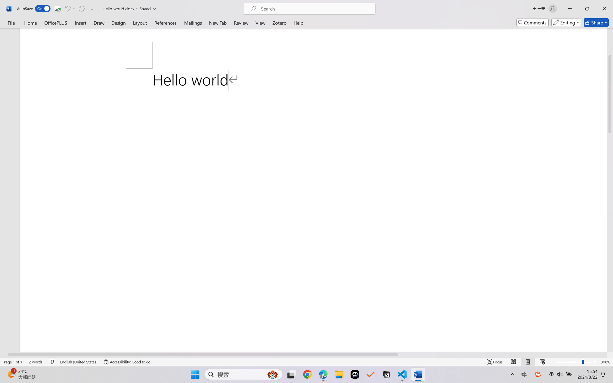  What do you see at coordinates (528, 362) in the screenshot?
I see `'Print Layout'` at bounding box center [528, 362].